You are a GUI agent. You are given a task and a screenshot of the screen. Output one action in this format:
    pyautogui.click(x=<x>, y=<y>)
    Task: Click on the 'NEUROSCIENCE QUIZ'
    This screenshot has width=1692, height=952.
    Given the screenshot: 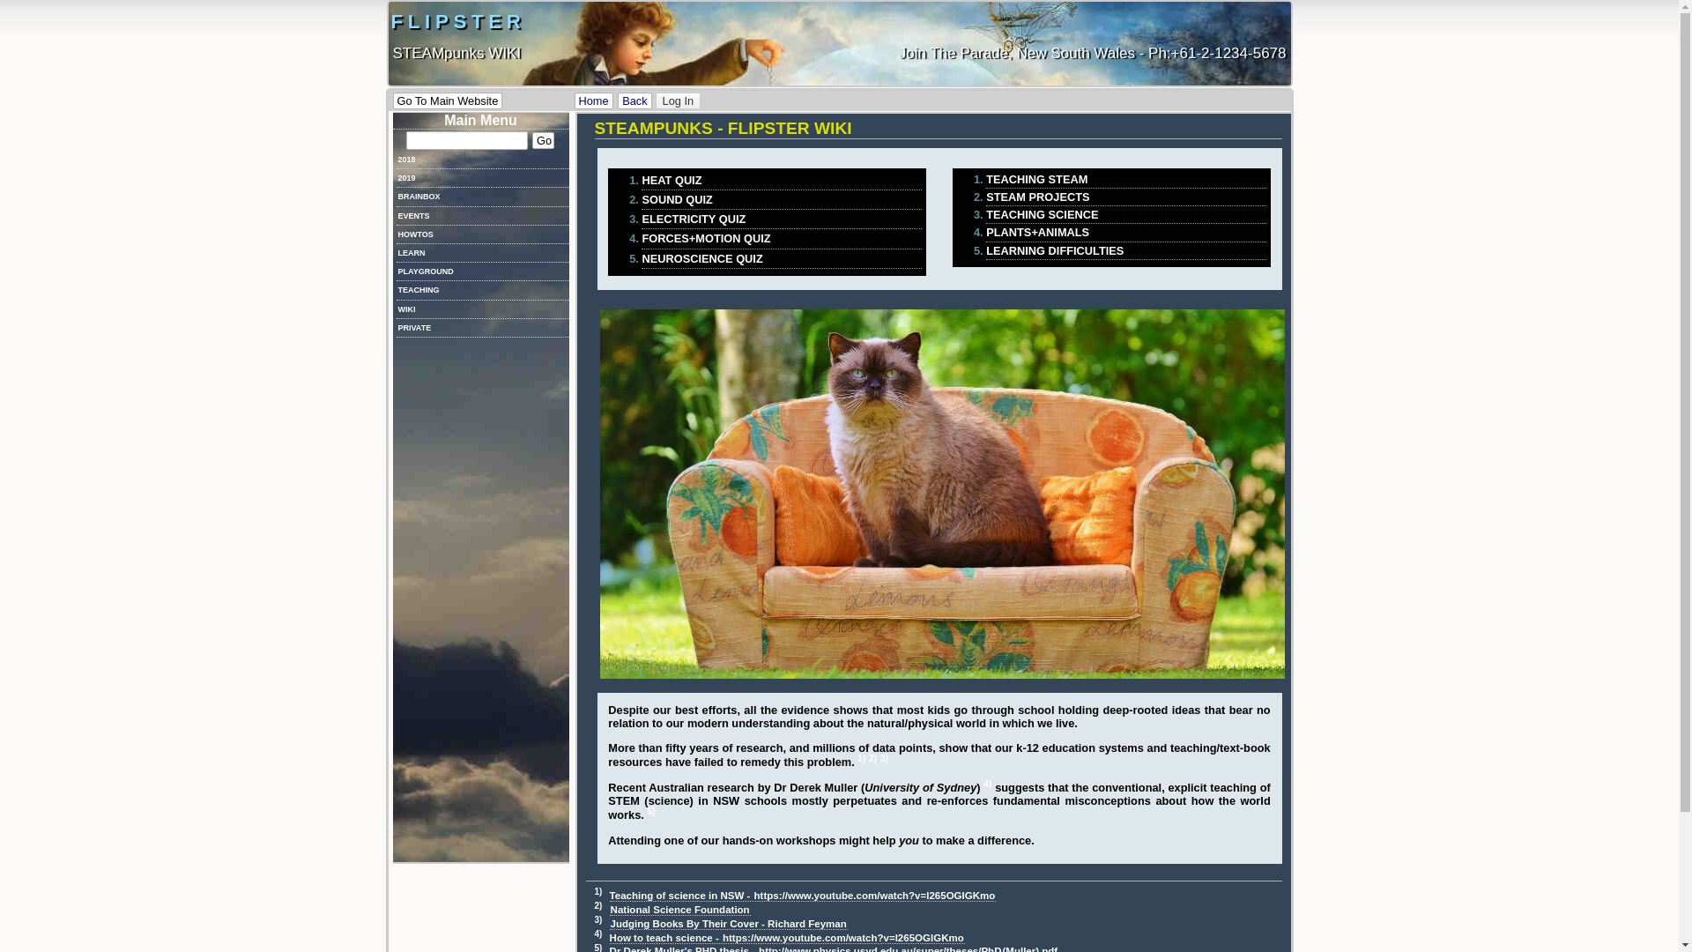 What is the action you would take?
    pyautogui.click(x=780, y=258)
    